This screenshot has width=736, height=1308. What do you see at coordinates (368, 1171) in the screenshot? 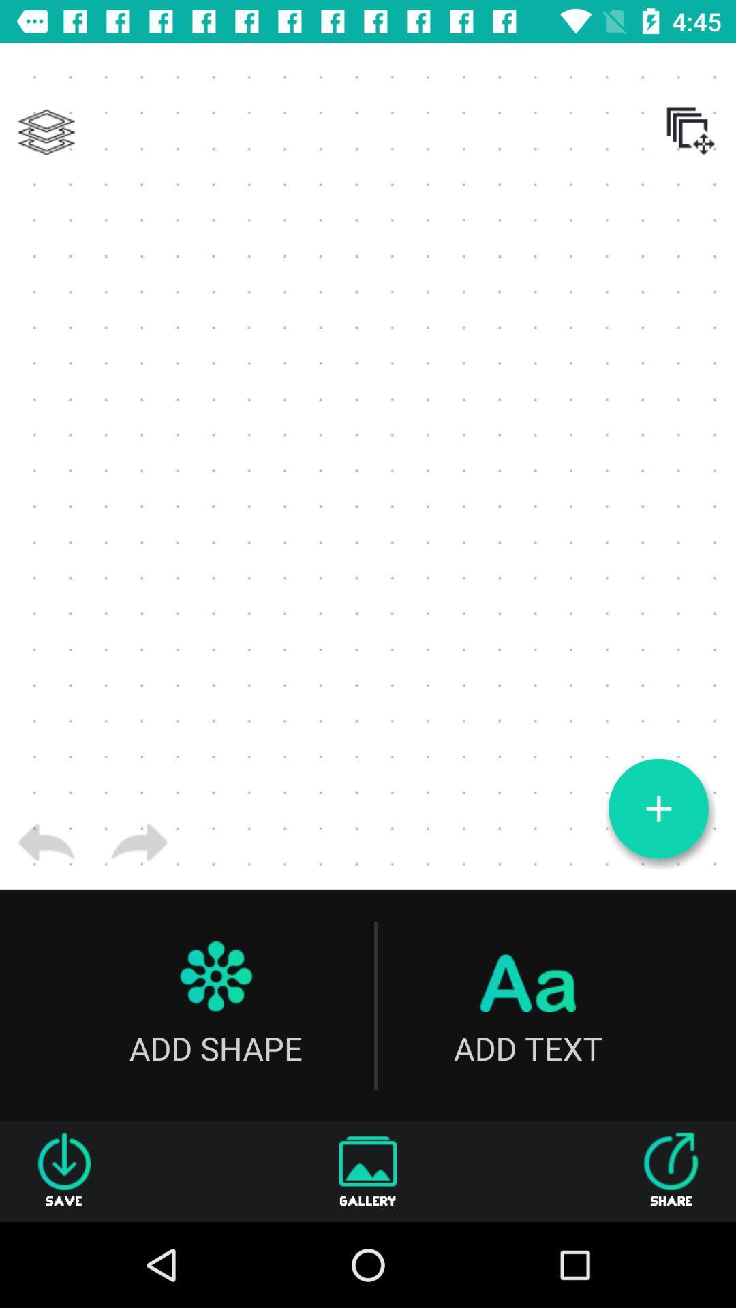
I see `item to the right of save` at bounding box center [368, 1171].